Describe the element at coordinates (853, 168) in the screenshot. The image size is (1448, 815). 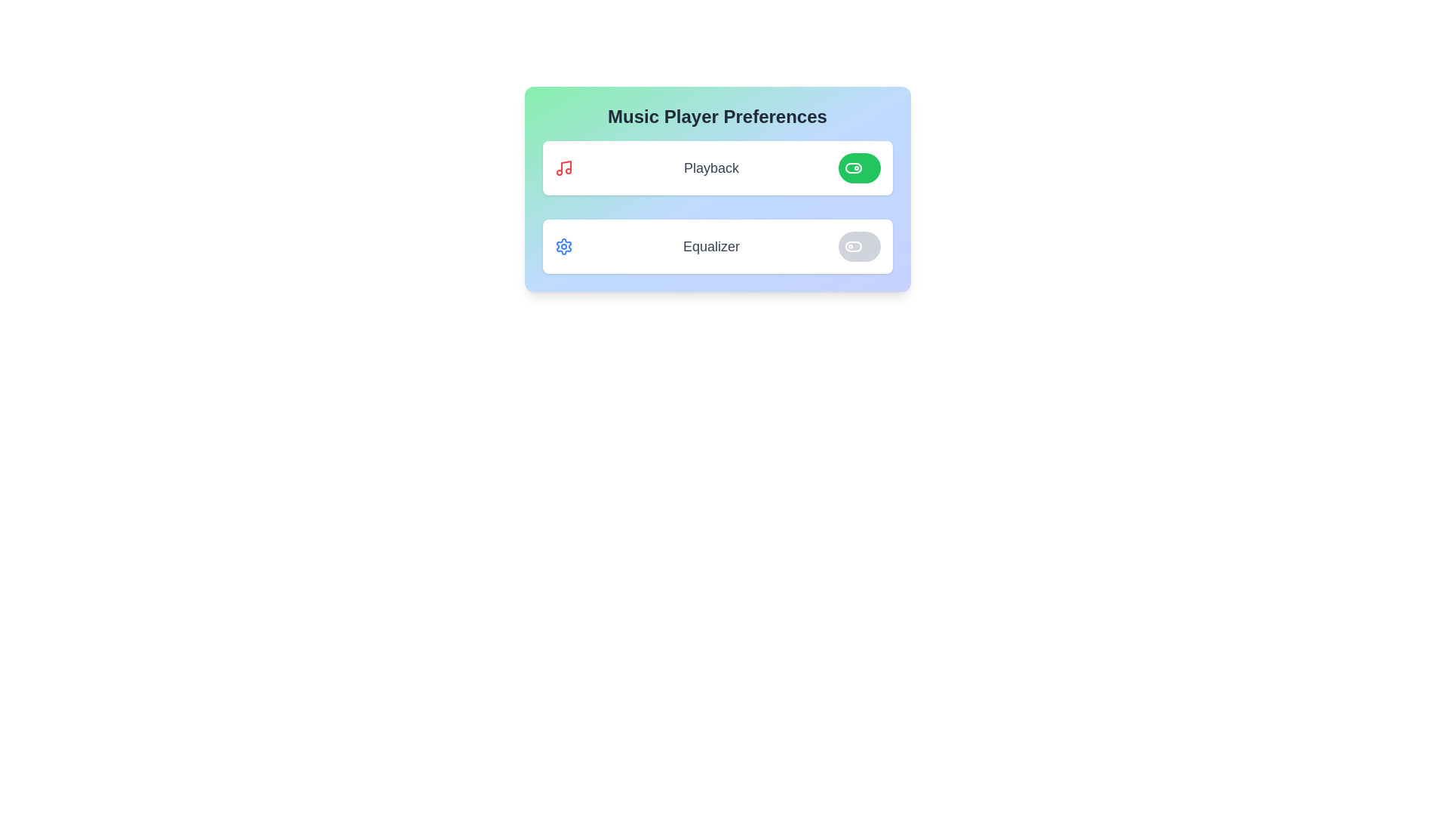
I see `the green rounded rectangle decoration of the toggle switch for the 'Playback' option in the 'Music Player Preferences' panel` at that location.